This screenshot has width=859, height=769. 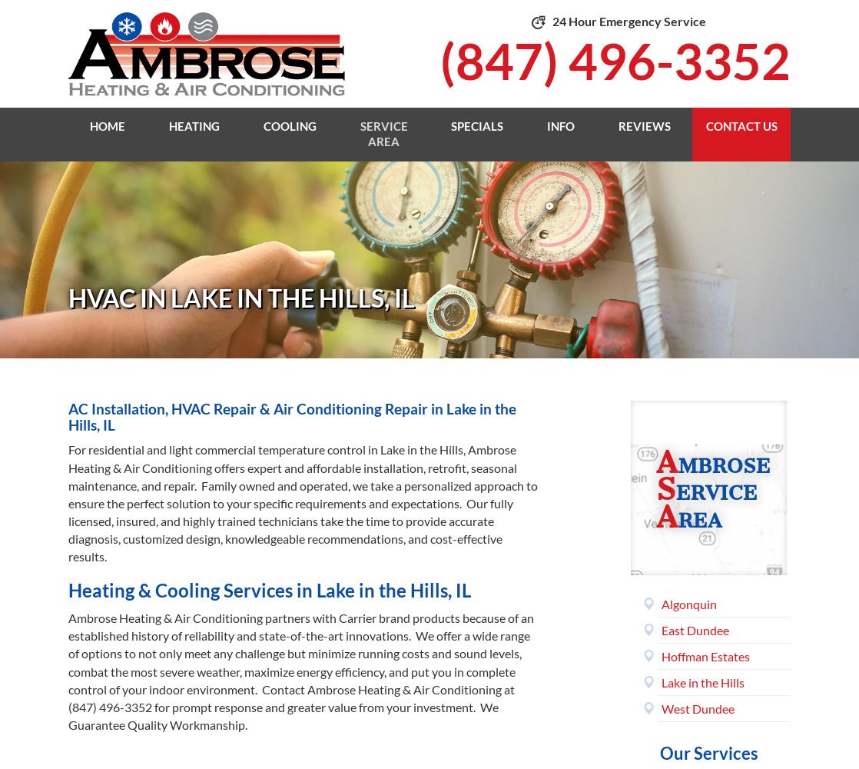 What do you see at coordinates (194, 125) in the screenshot?
I see `'Heating'` at bounding box center [194, 125].